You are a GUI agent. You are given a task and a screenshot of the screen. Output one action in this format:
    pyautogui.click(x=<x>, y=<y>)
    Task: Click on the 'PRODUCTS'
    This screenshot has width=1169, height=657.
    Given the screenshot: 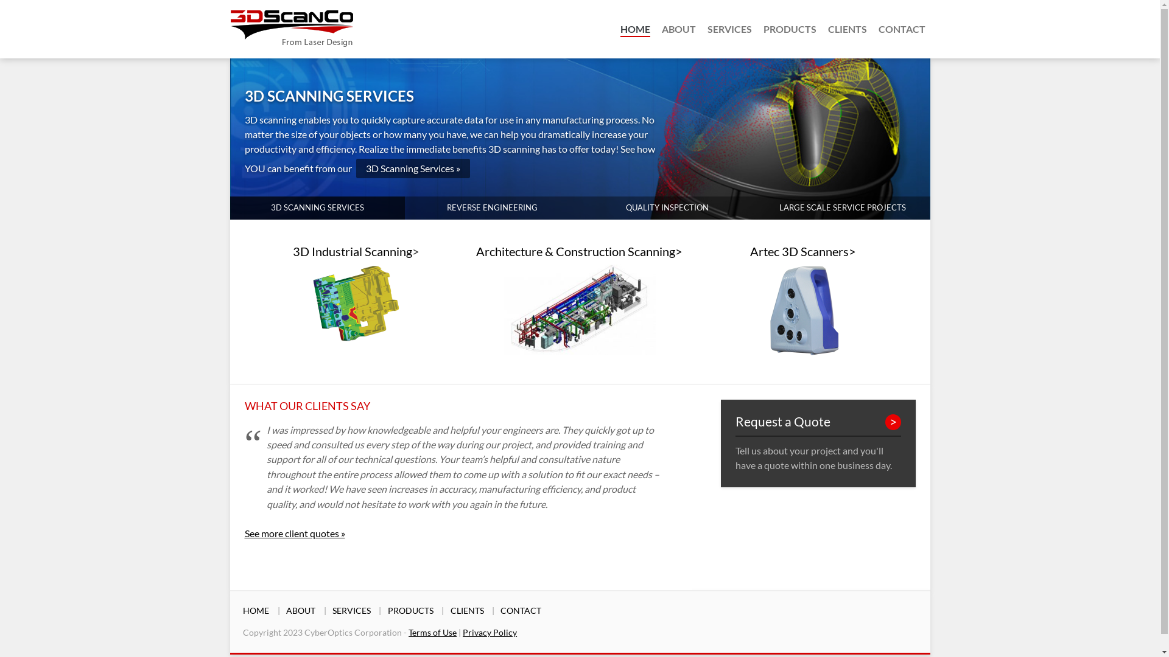 What is the action you would take?
    pyautogui.click(x=790, y=28)
    